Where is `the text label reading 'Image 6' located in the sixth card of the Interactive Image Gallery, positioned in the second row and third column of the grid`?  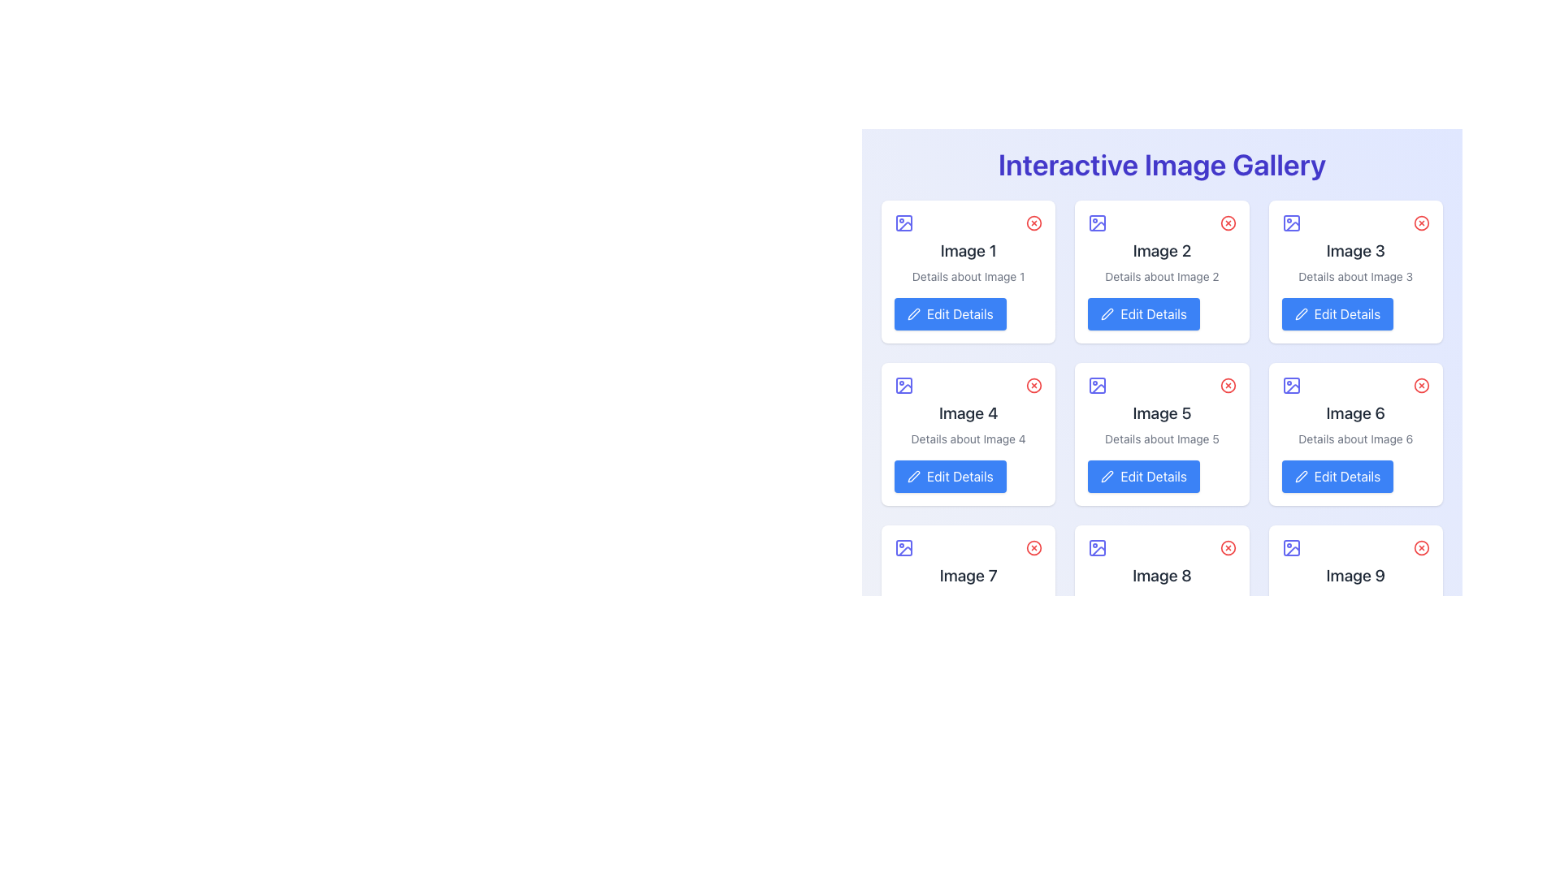
the text label reading 'Image 6' located in the sixth card of the Interactive Image Gallery, positioned in the second row and third column of the grid is located at coordinates (1355, 413).